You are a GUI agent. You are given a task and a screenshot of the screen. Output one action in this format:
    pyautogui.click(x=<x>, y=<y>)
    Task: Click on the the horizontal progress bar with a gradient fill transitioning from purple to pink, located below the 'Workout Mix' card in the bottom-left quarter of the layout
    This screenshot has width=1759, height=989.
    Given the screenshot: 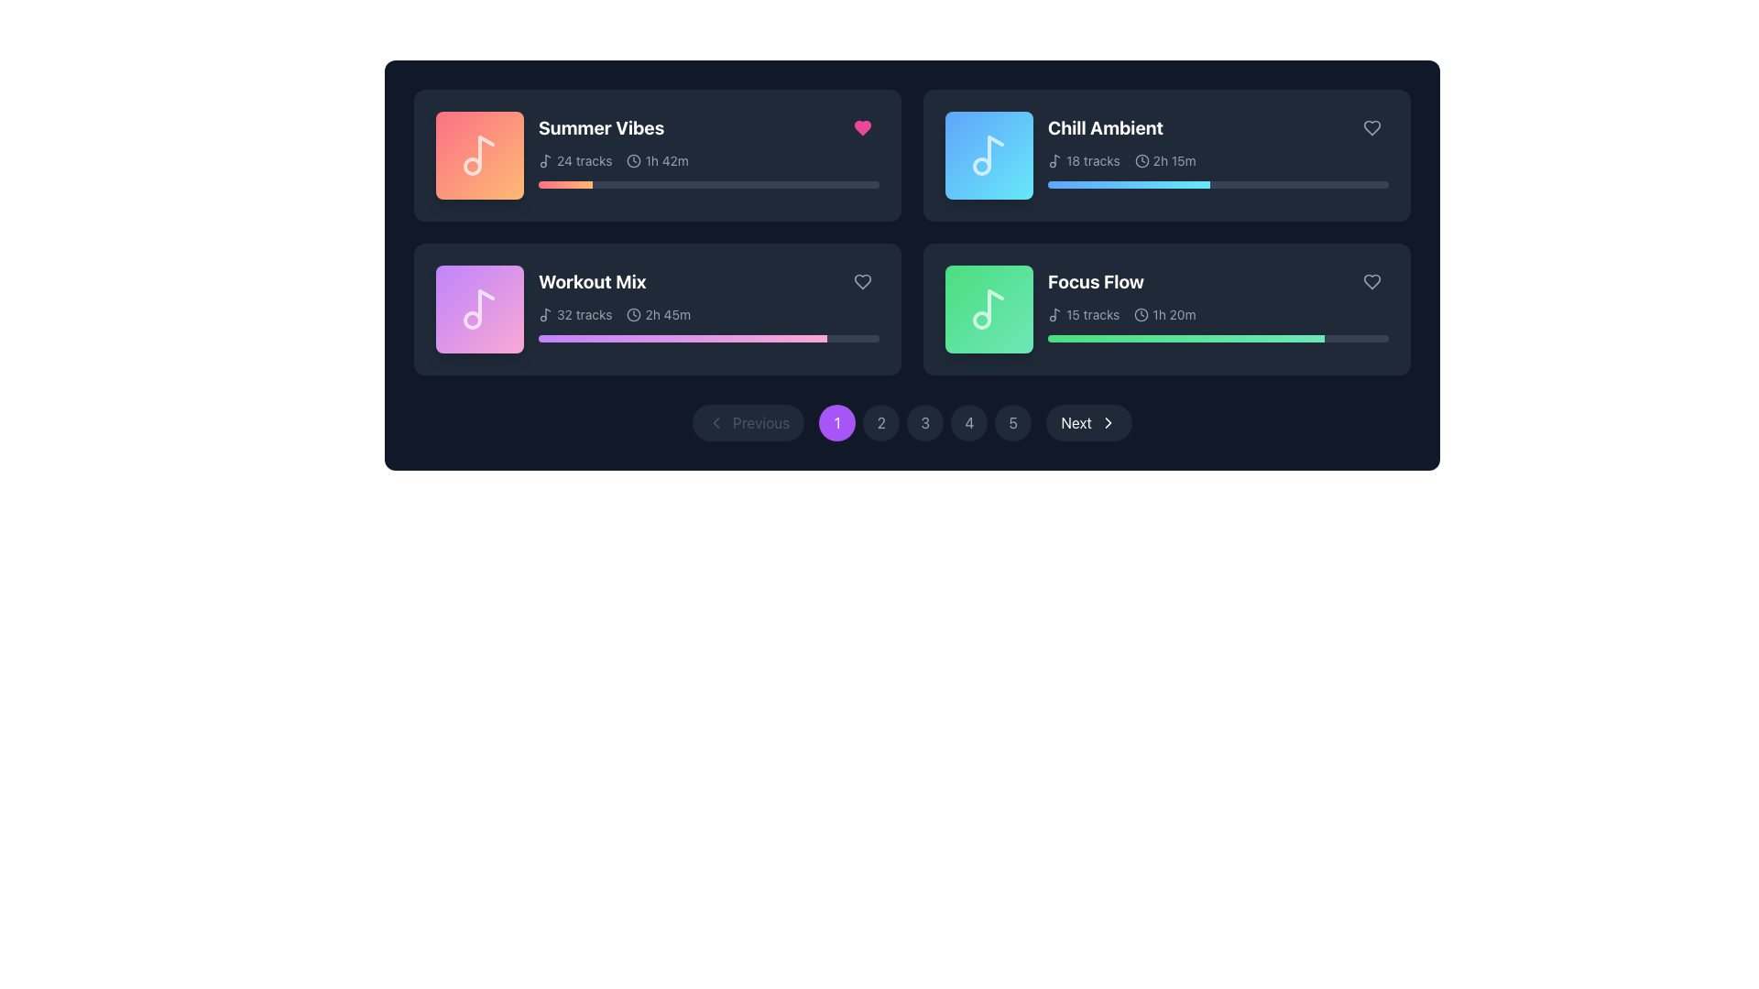 What is the action you would take?
    pyautogui.click(x=682, y=339)
    